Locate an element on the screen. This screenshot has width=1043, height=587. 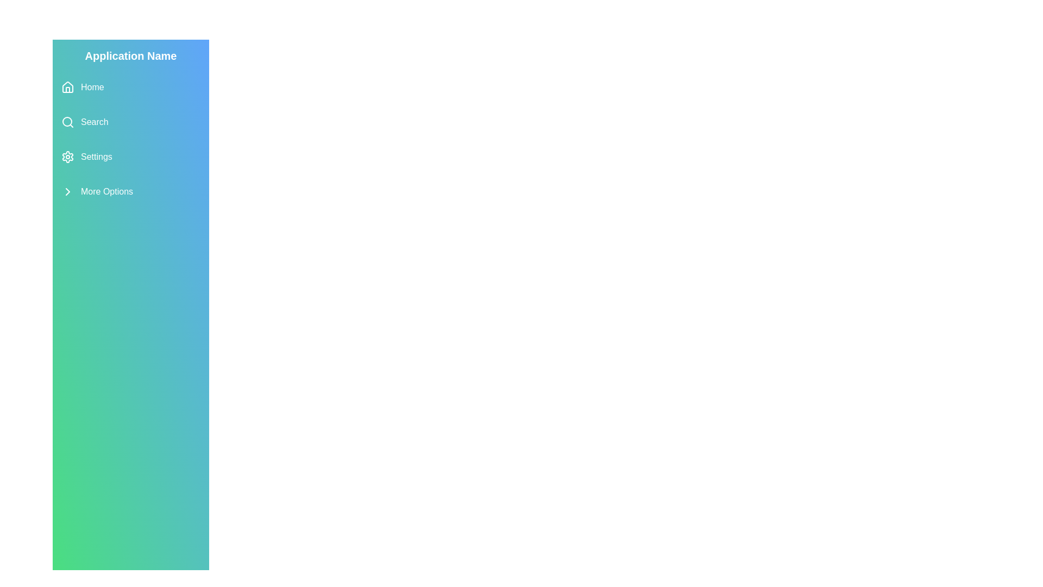
the menu item Settings is located at coordinates (130, 157).